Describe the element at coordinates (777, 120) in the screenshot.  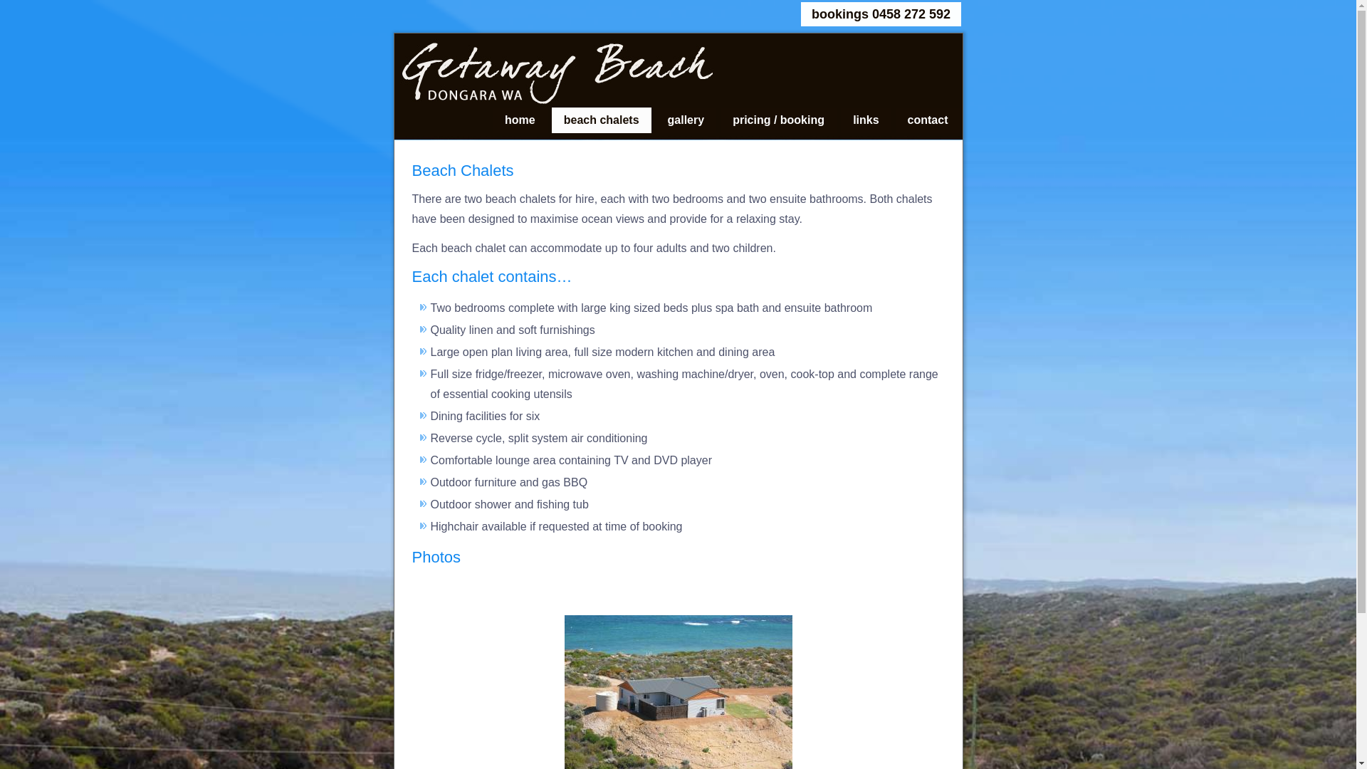
I see `'pricing / booking'` at that location.